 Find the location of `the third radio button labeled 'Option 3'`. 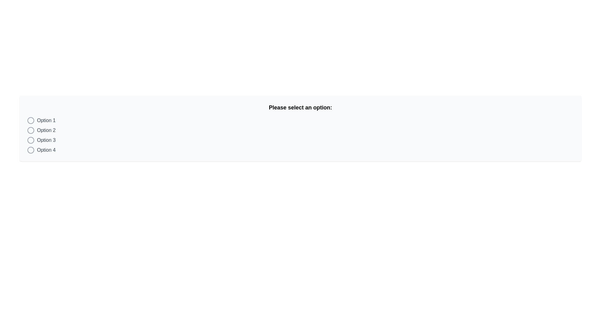

the third radio button labeled 'Option 3' is located at coordinates (31, 140).